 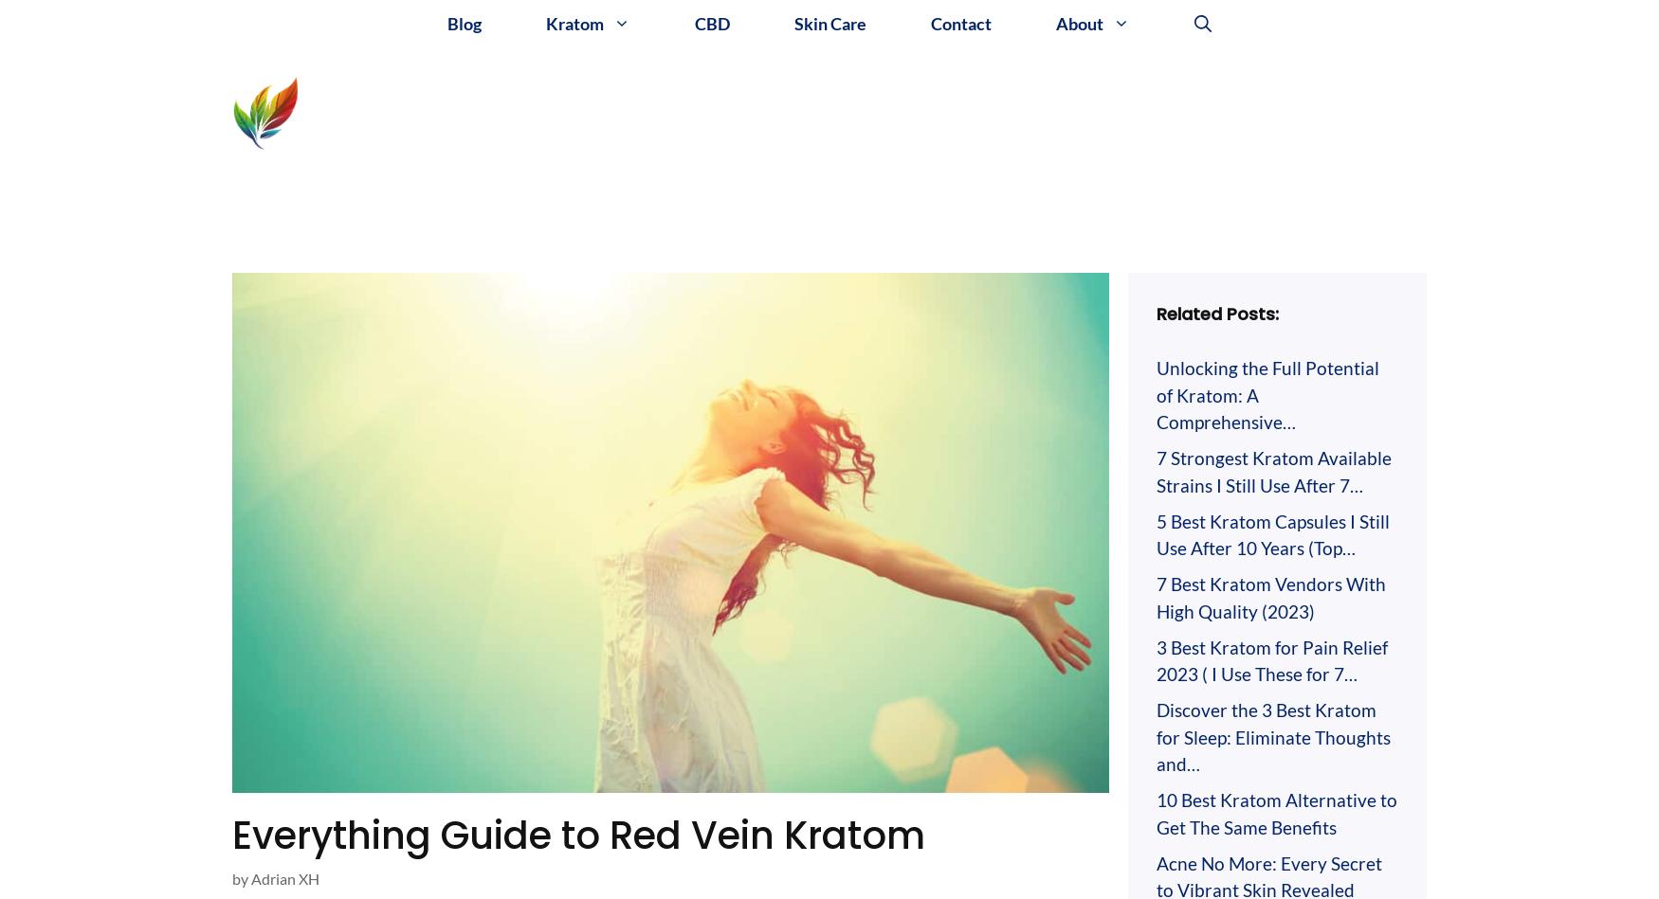 What do you see at coordinates (1079, 23) in the screenshot?
I see `'About'` at bounding box center [1079, 23].